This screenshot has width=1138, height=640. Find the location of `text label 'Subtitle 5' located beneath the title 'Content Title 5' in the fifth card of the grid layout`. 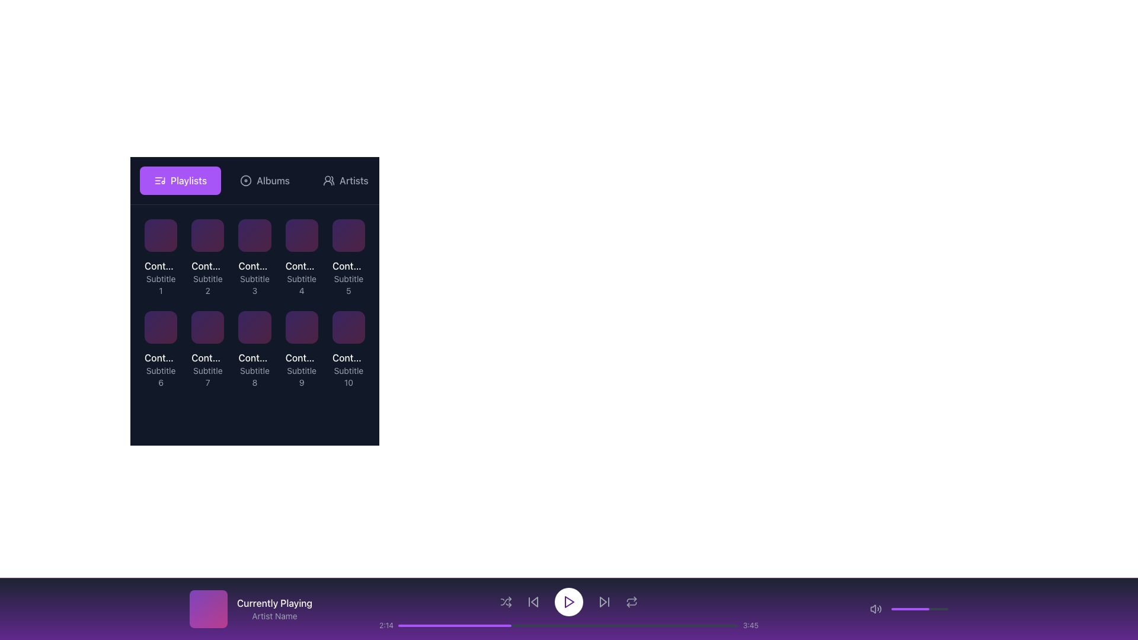

text label 'Subtitle 5' located beneath the title 'Content Title 5' in the fifth card of the grid layout is located at coordinates (348, 285).